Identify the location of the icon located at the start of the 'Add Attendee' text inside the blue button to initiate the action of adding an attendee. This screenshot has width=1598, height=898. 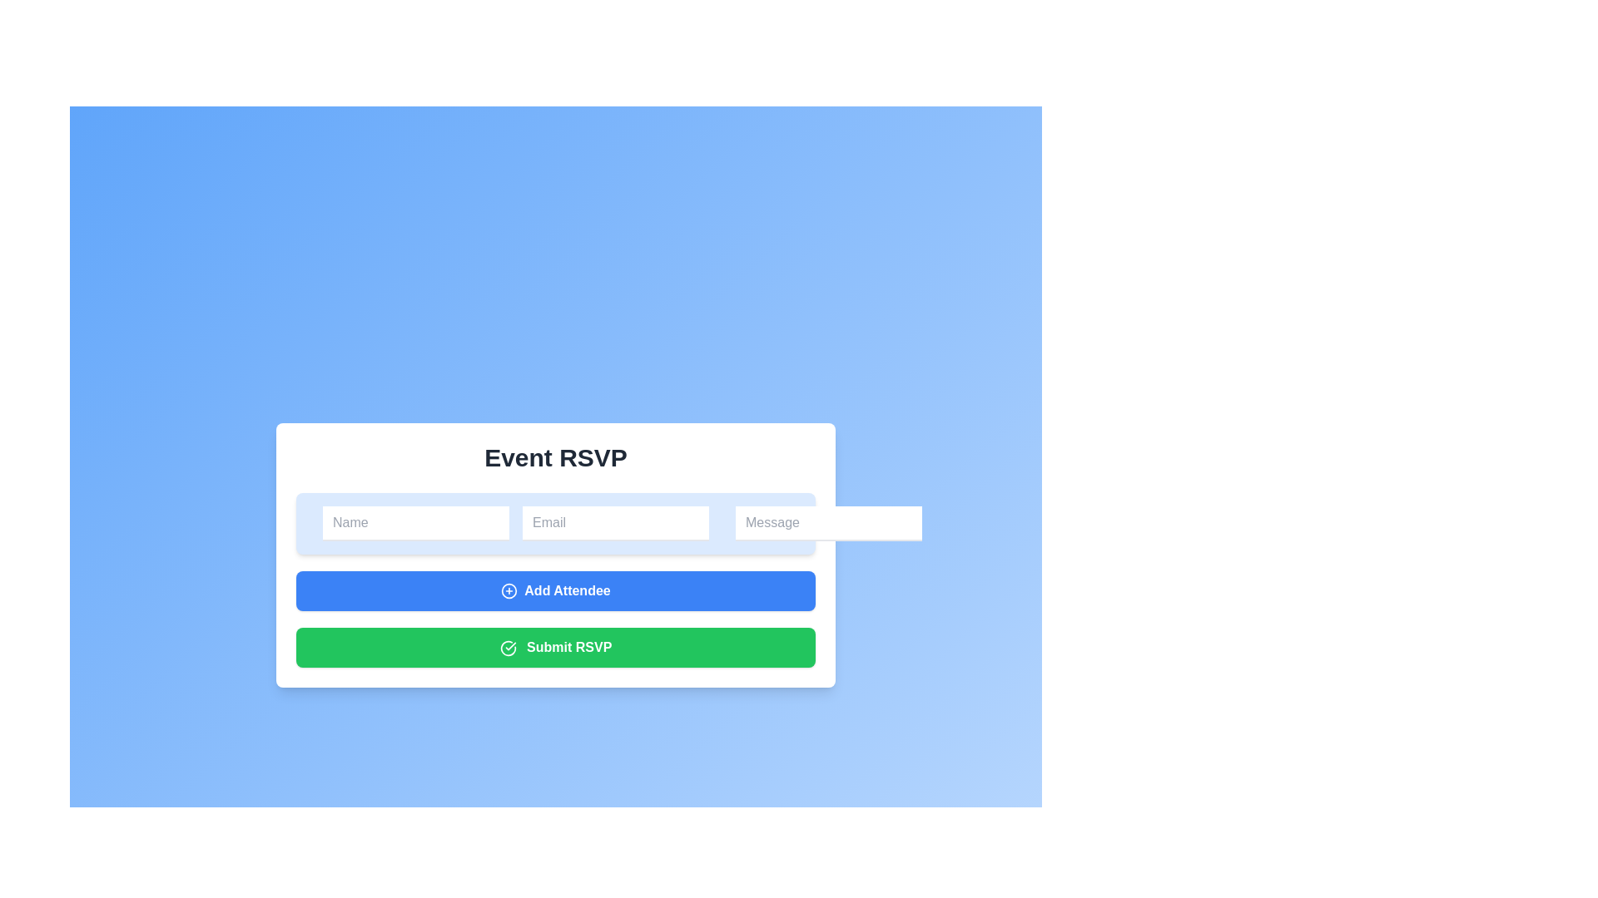
(509, 590).